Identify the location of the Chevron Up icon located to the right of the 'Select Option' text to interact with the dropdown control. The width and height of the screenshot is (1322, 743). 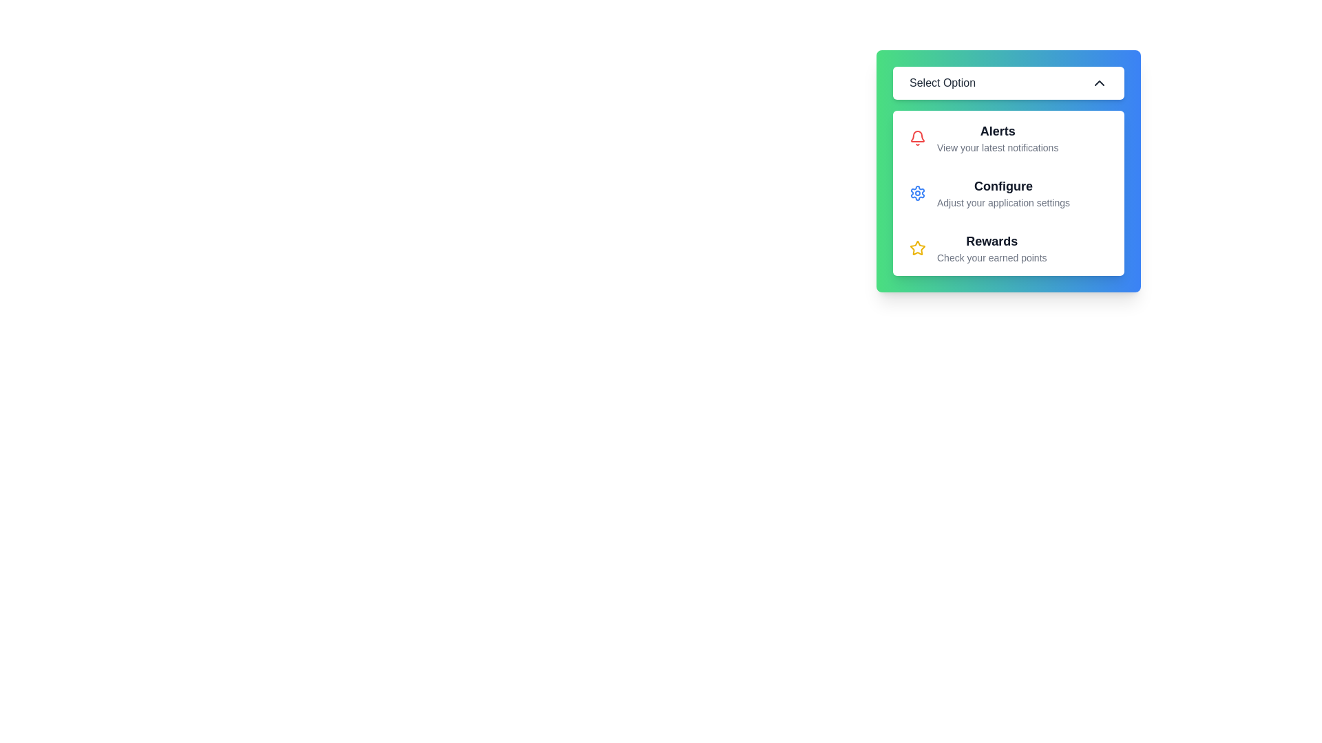
(1099, 83).